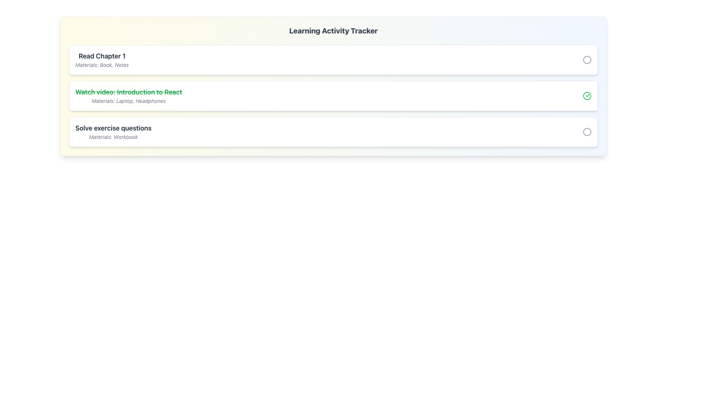 The width and height of the screenshot is (706, 397). Describe the element at coordinates (333, 96) in the screenshot. I see `the task entry element labeled 'Watch video: Introduction to React' to read the task details` at that location.